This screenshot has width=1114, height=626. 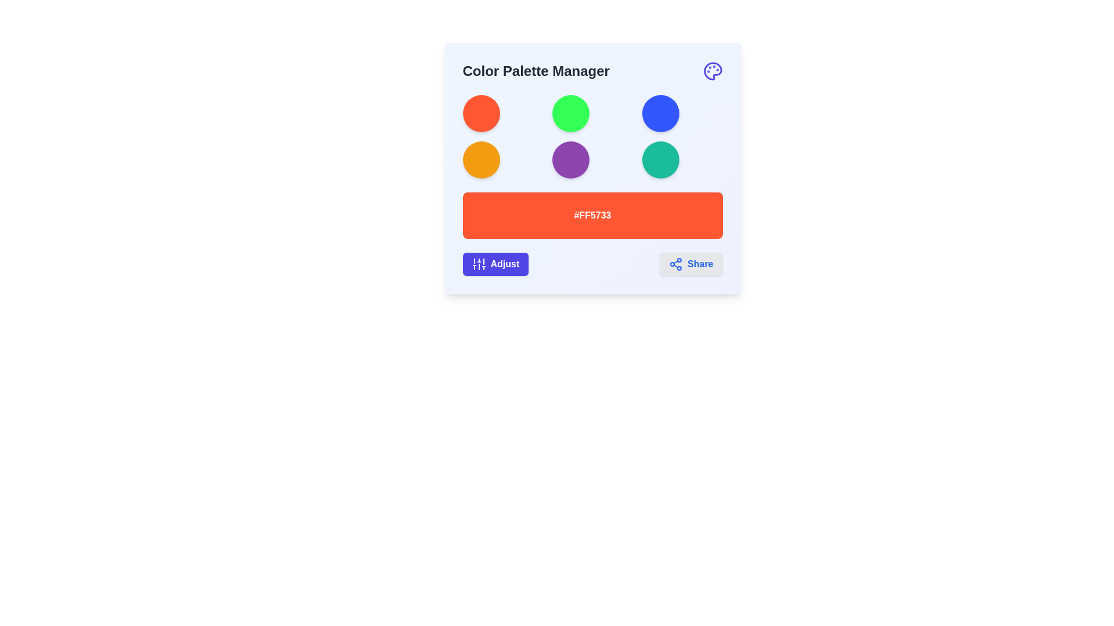 What do you see at coordinates (571, 114) in the screenshot?
I see `the interactive circle button that represents the green color option in the color palette picker` at bounding box center [571, 114].